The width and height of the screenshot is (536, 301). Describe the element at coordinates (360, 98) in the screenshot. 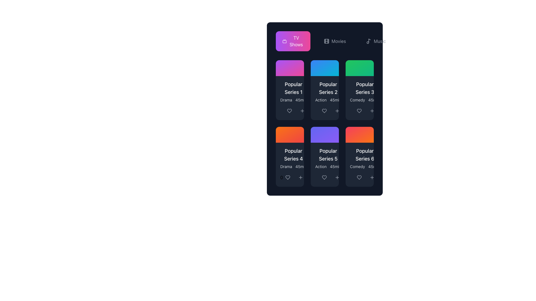

I see `the Information card, which displays details about a movie or series and is located in the grid as the third card in the first row, to the right of 'Popular Series 2' and above 'Popular Series 6'` at that location.